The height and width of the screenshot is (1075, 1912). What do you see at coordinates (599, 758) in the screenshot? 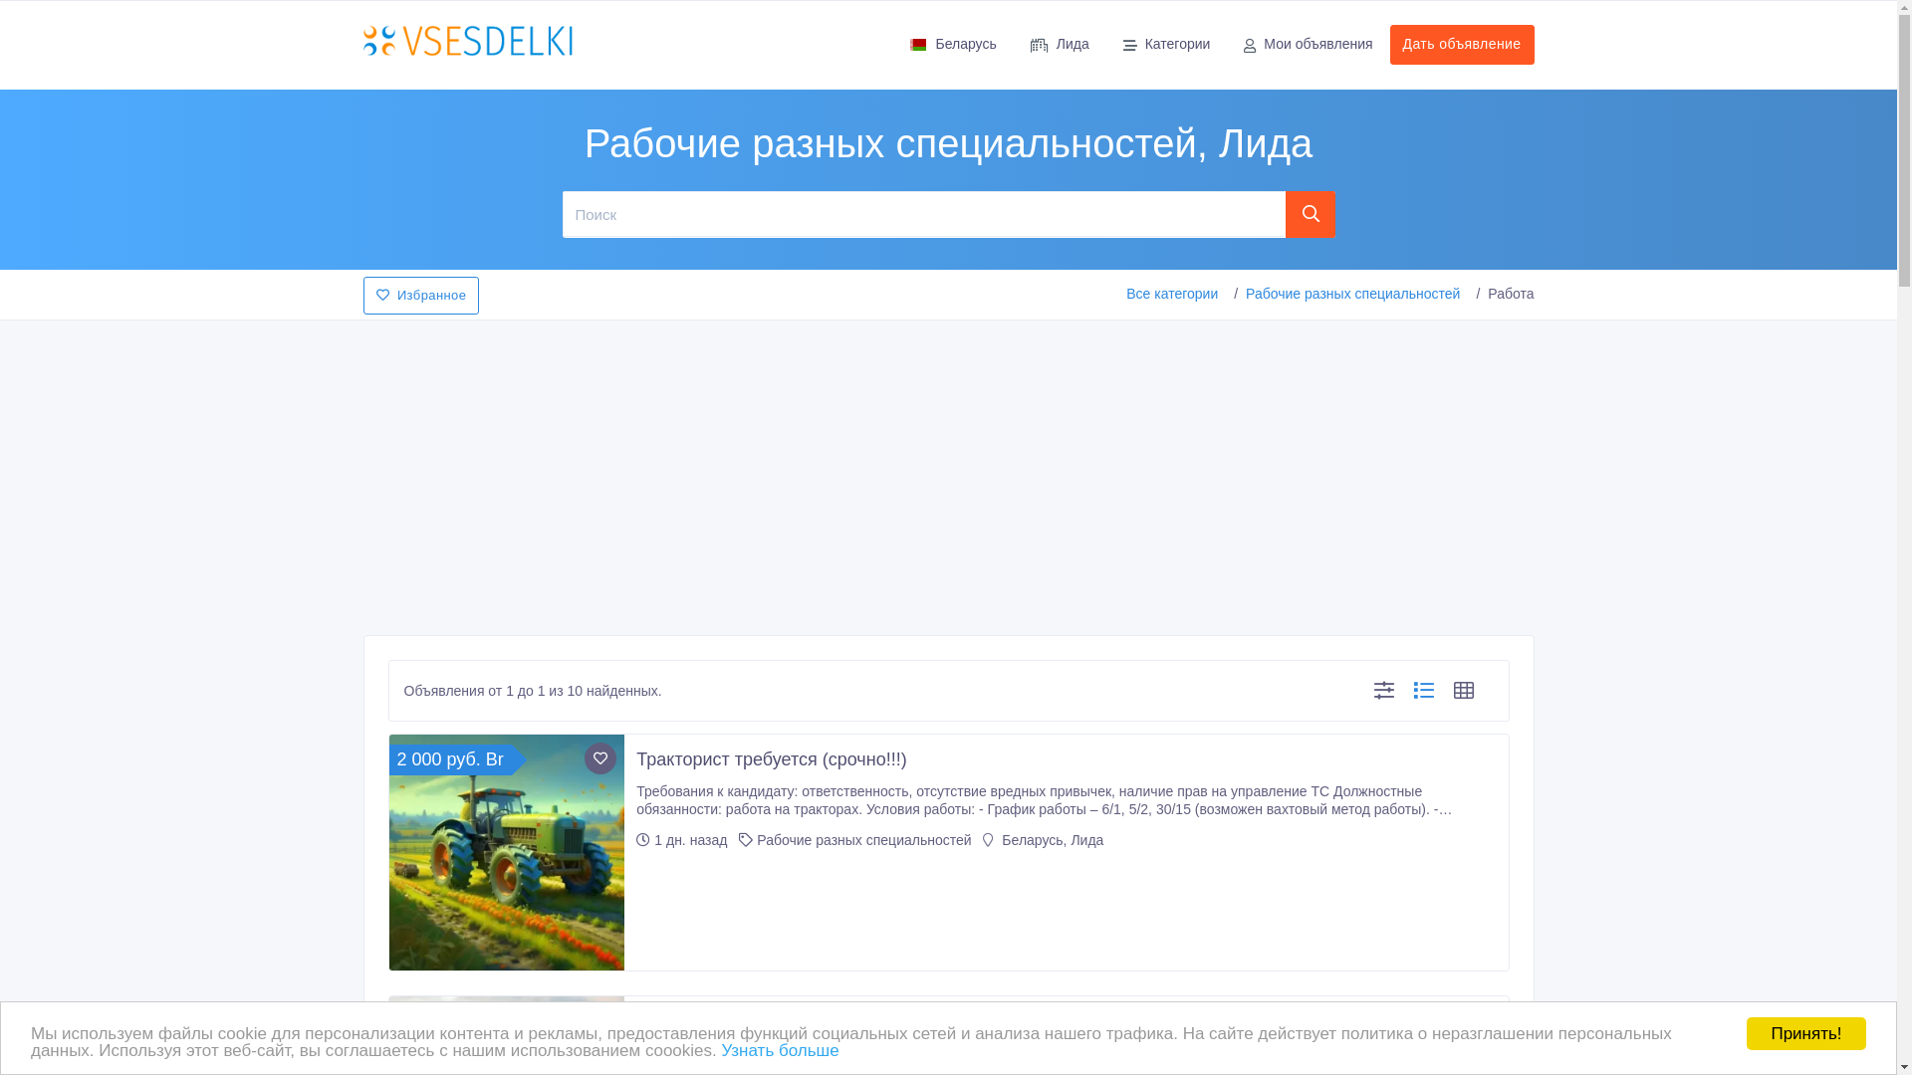
I see `'Add to favorite'` at bounding box center [599, 758].